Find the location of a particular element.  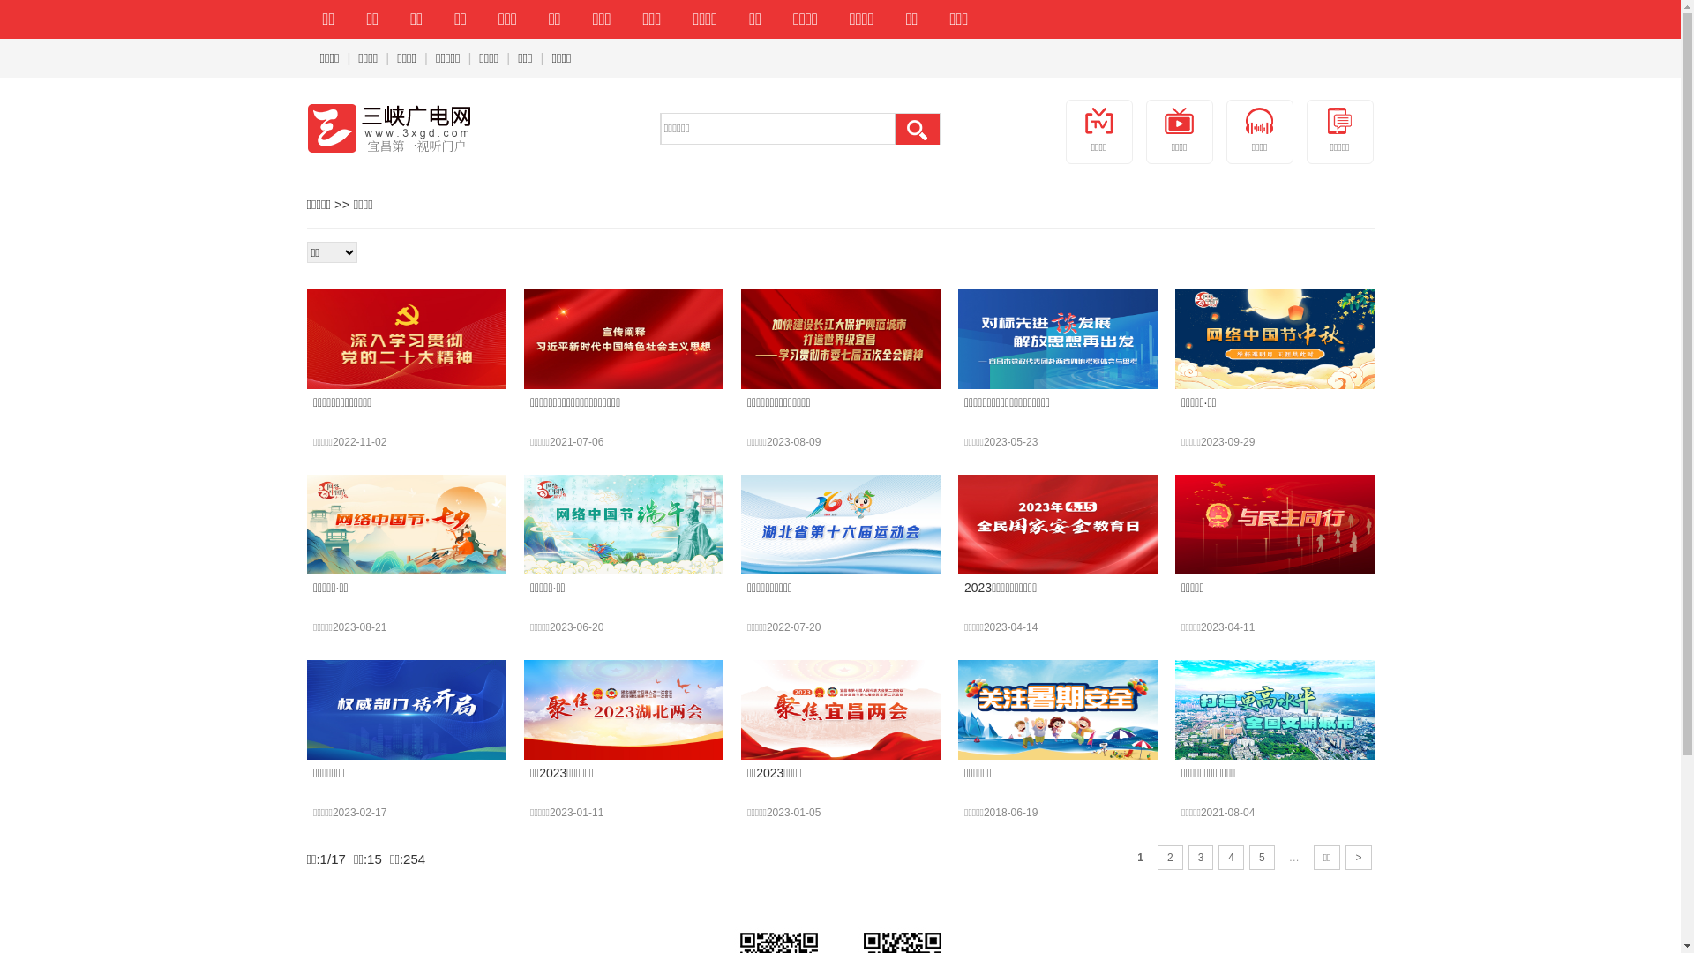

'3' is located at coordinates (1200, 857).